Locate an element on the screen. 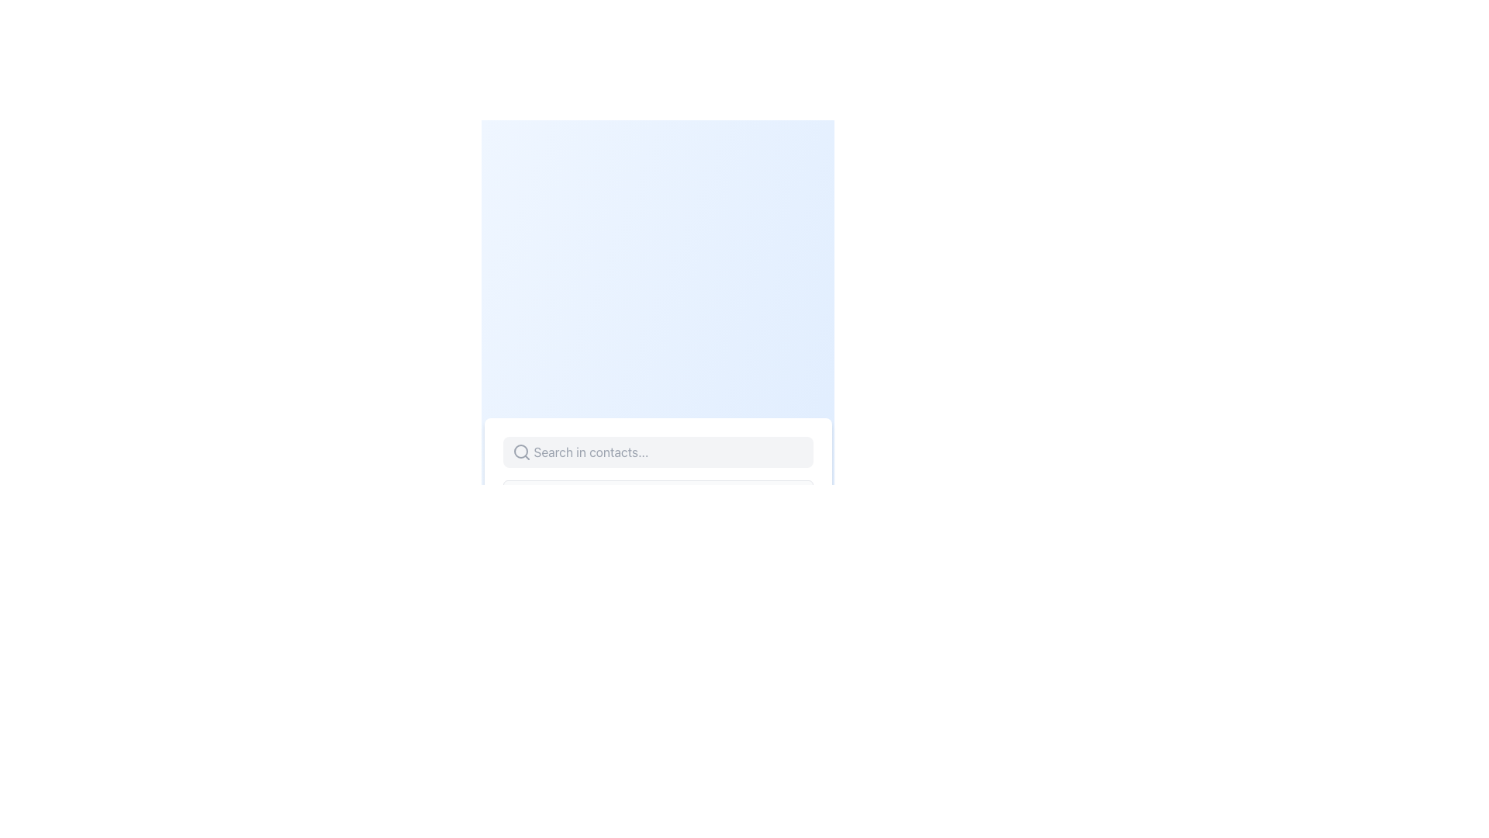 The height and width of the screenshot is (838, 1489). the circular lens of the magnifying glass icon, which is part of the 'Search in contacts...' input field is located at coordinates (520, 452).